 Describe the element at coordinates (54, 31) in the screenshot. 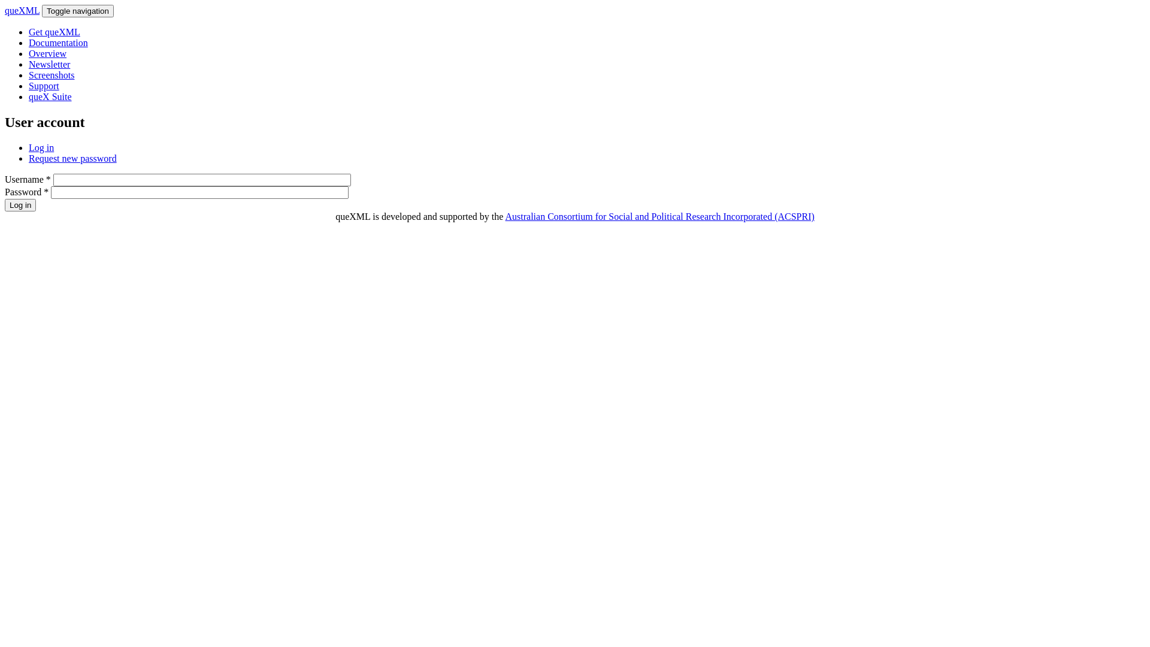

I see `'Get queXML'` at that location.